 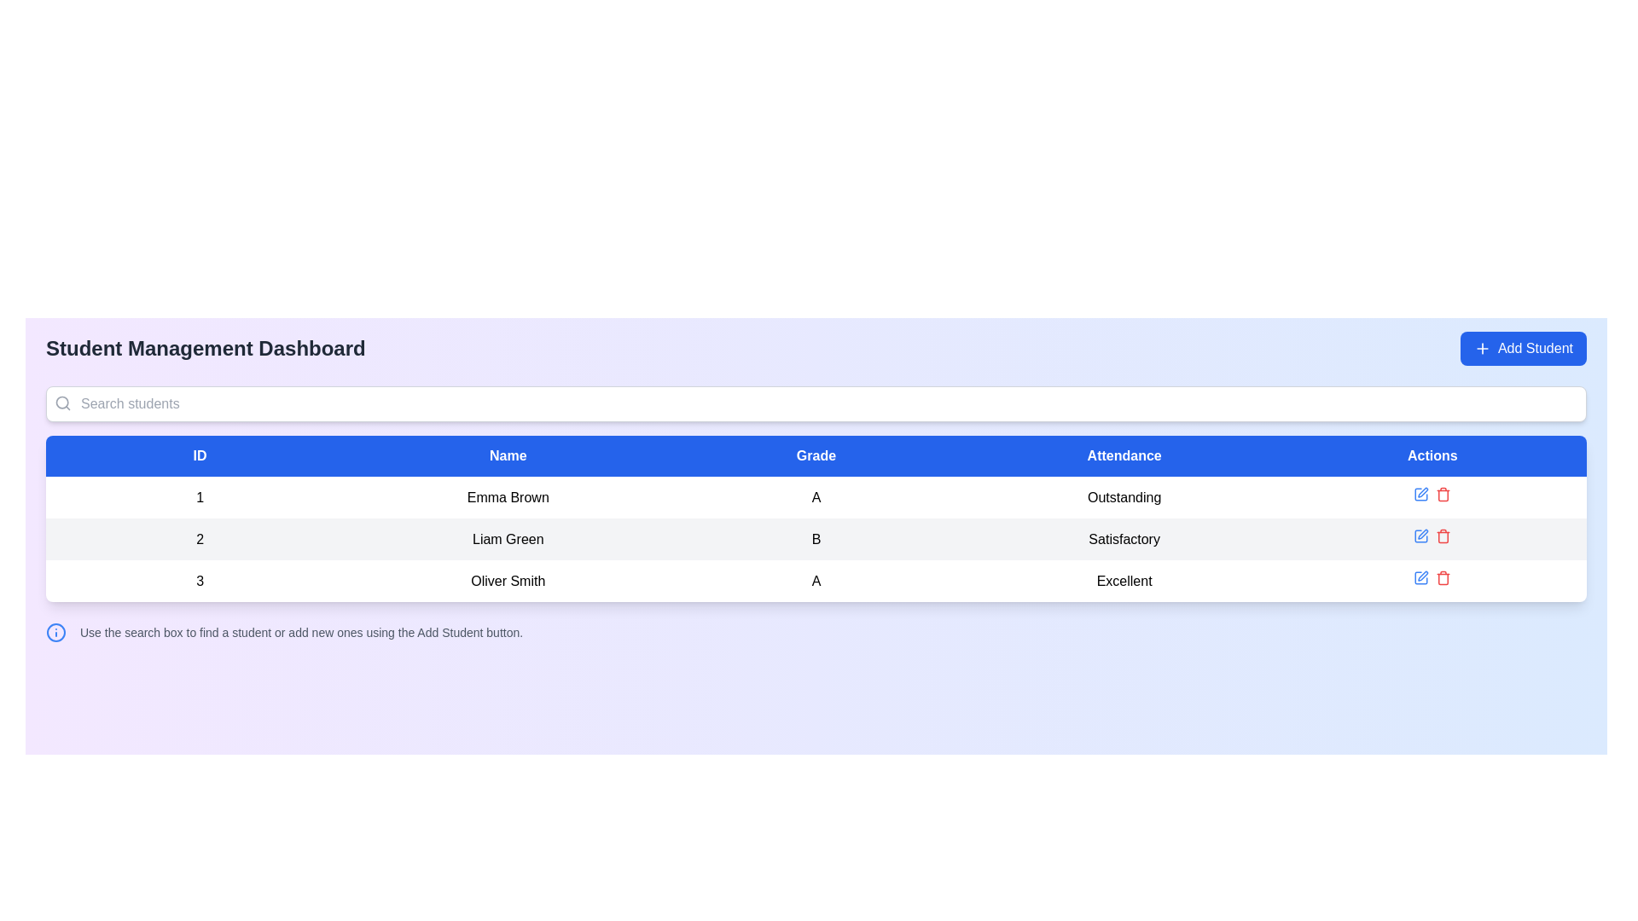 I want to click on the Table Header Cell with bold white text reading 'Attendance' that has a blue background, located as the fourth column header in the table, so click(x=1124, y=455).